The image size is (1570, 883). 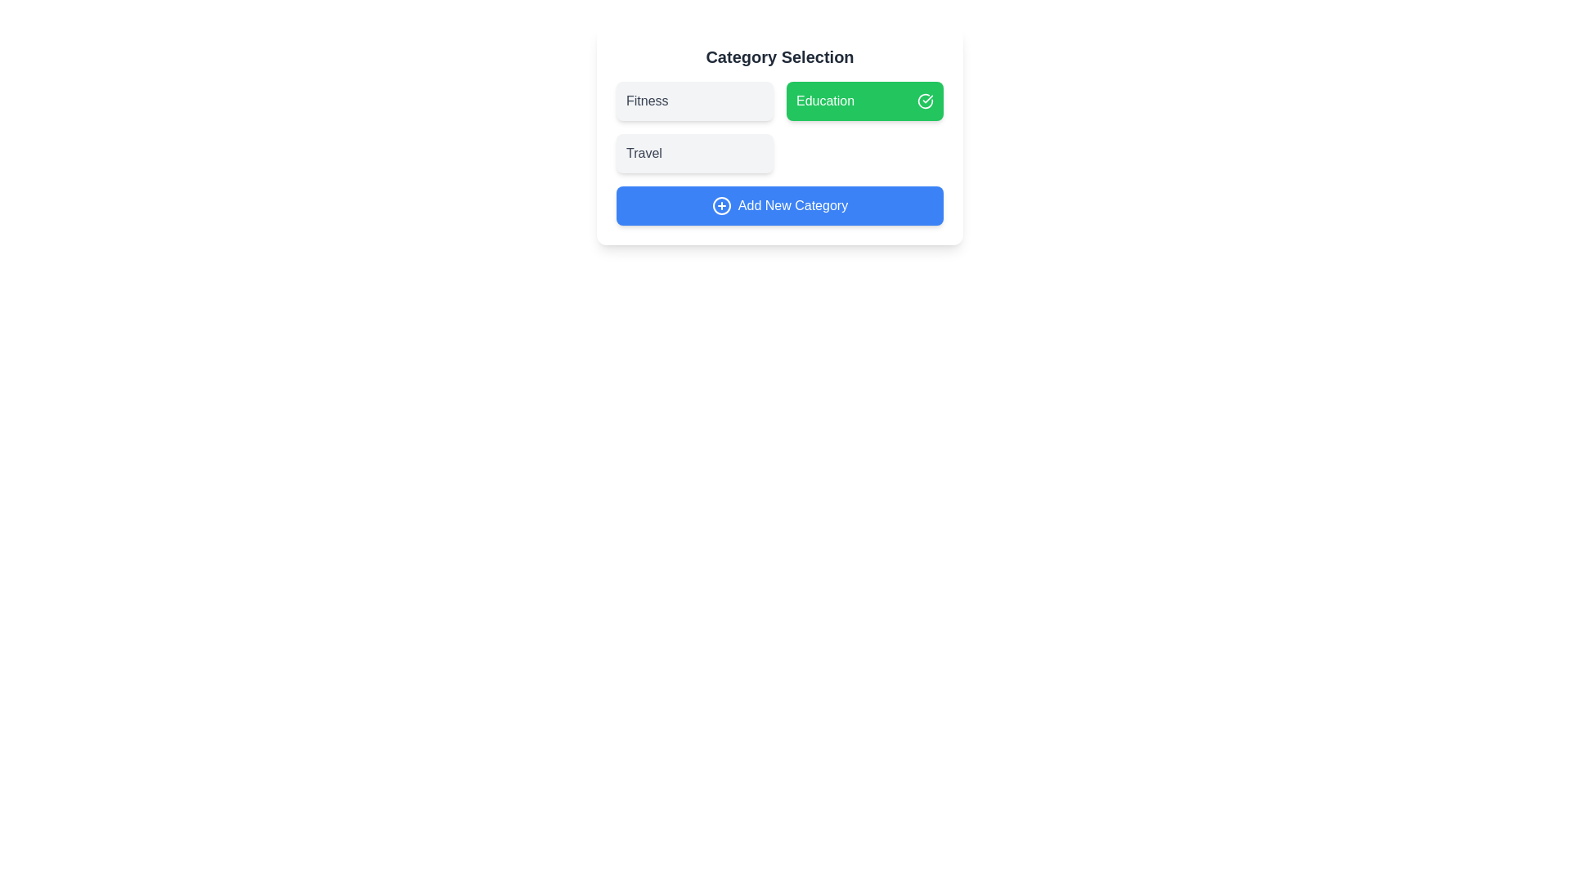 I want to click on the category Travel, so click(x=694, y=154).